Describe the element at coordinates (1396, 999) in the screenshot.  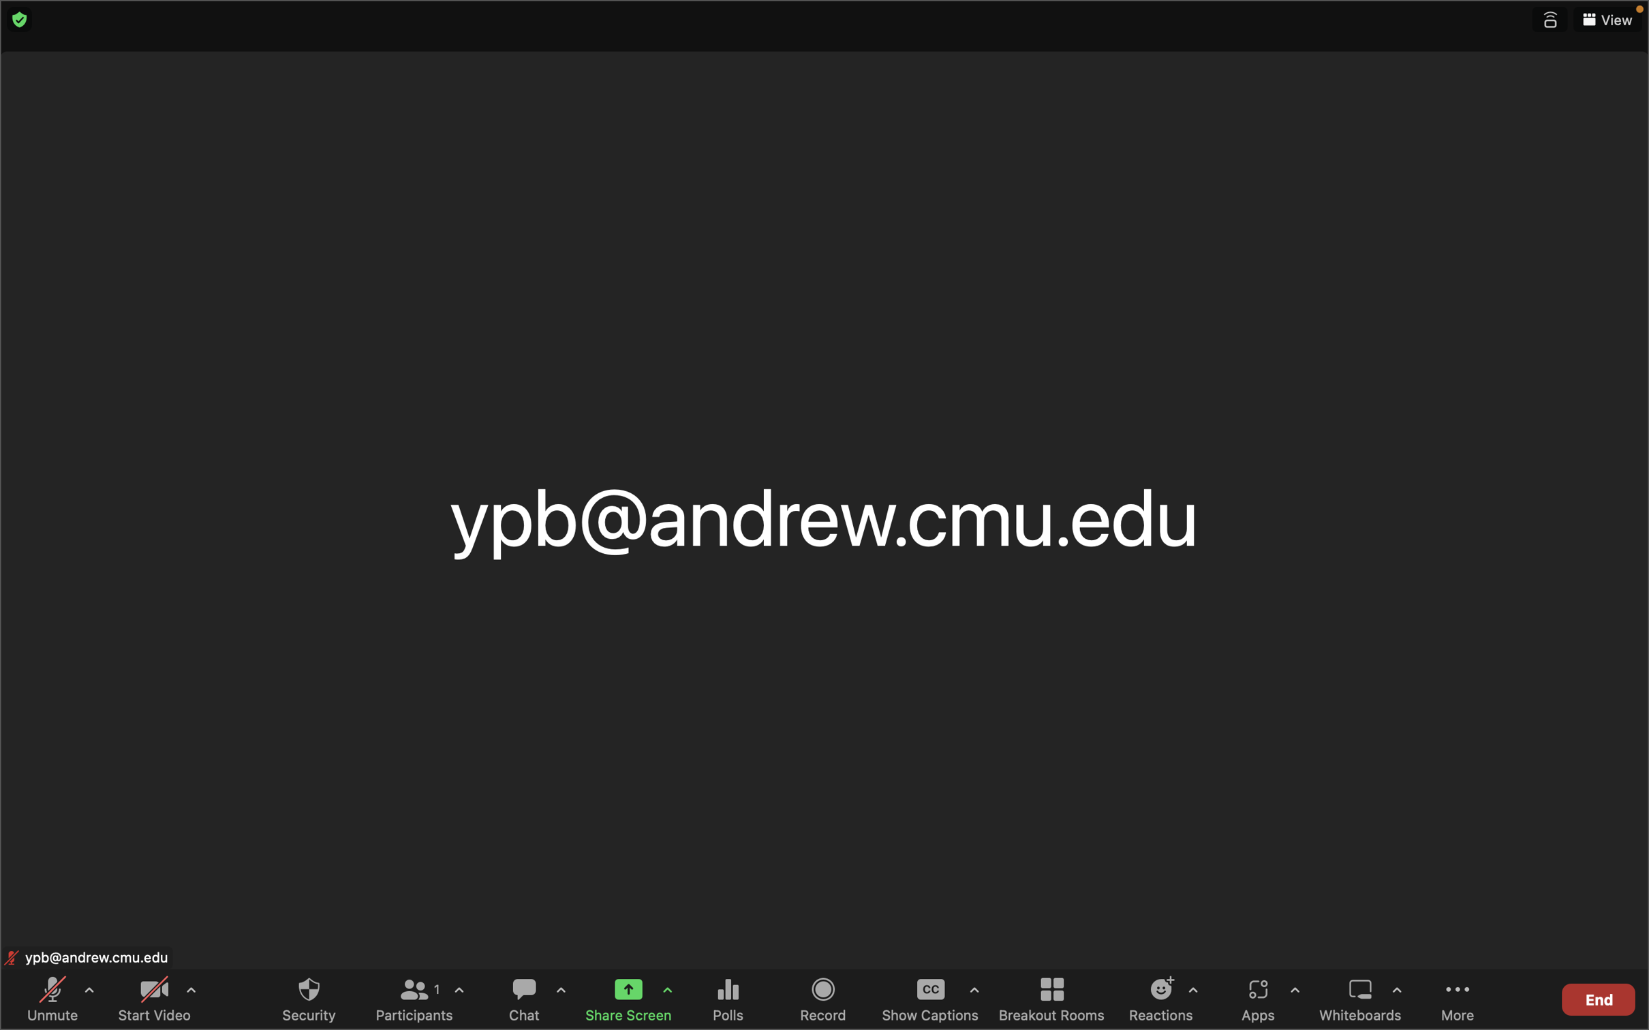
I see `the whiteboard settings` at that location.